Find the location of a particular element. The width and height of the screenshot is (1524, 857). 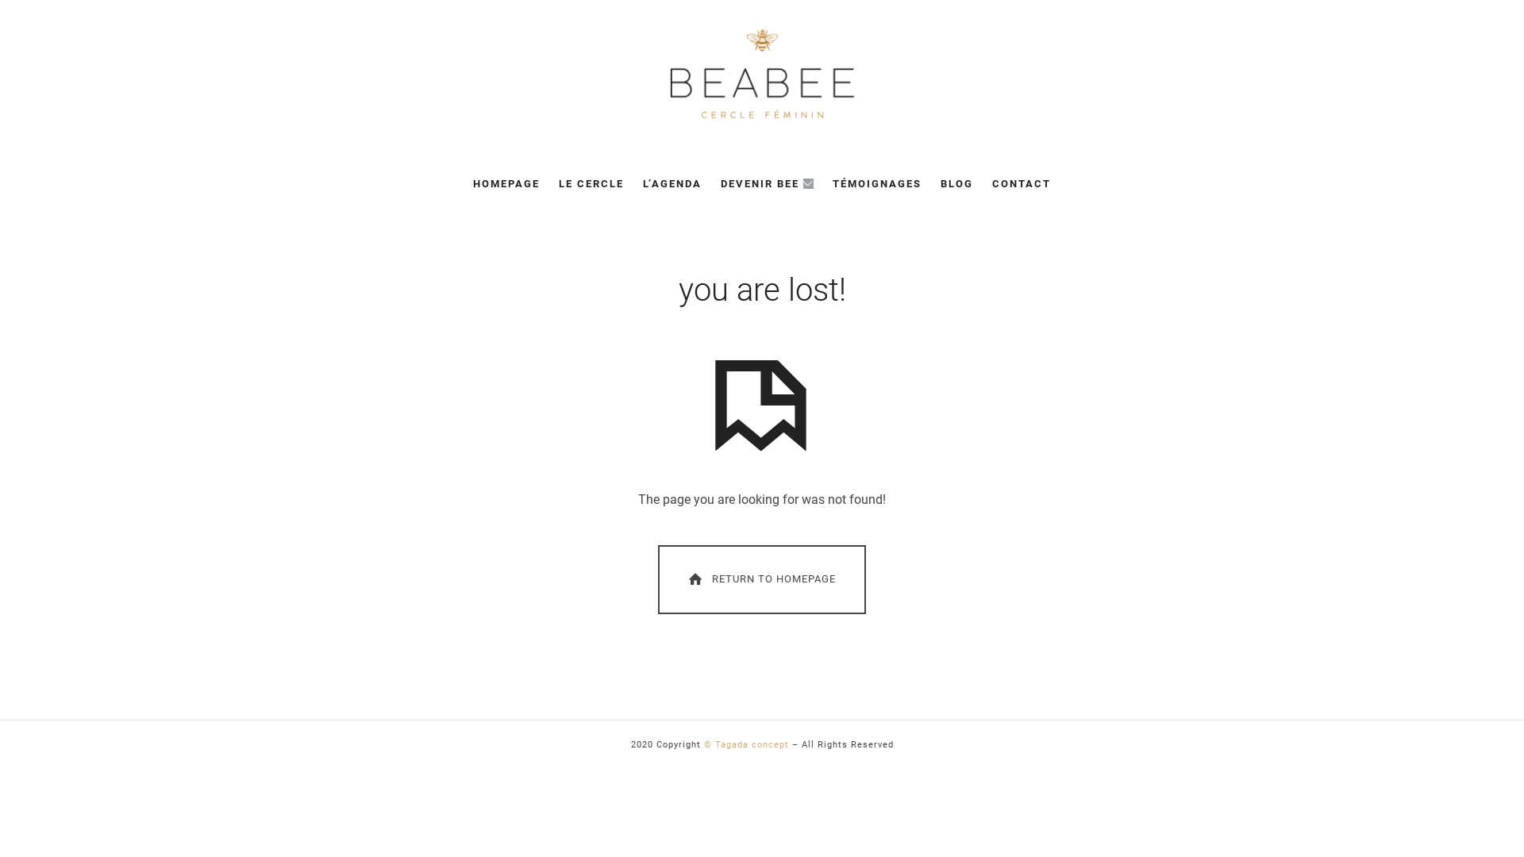

'HOMEPAGE' is located at coordinates (506, 183).